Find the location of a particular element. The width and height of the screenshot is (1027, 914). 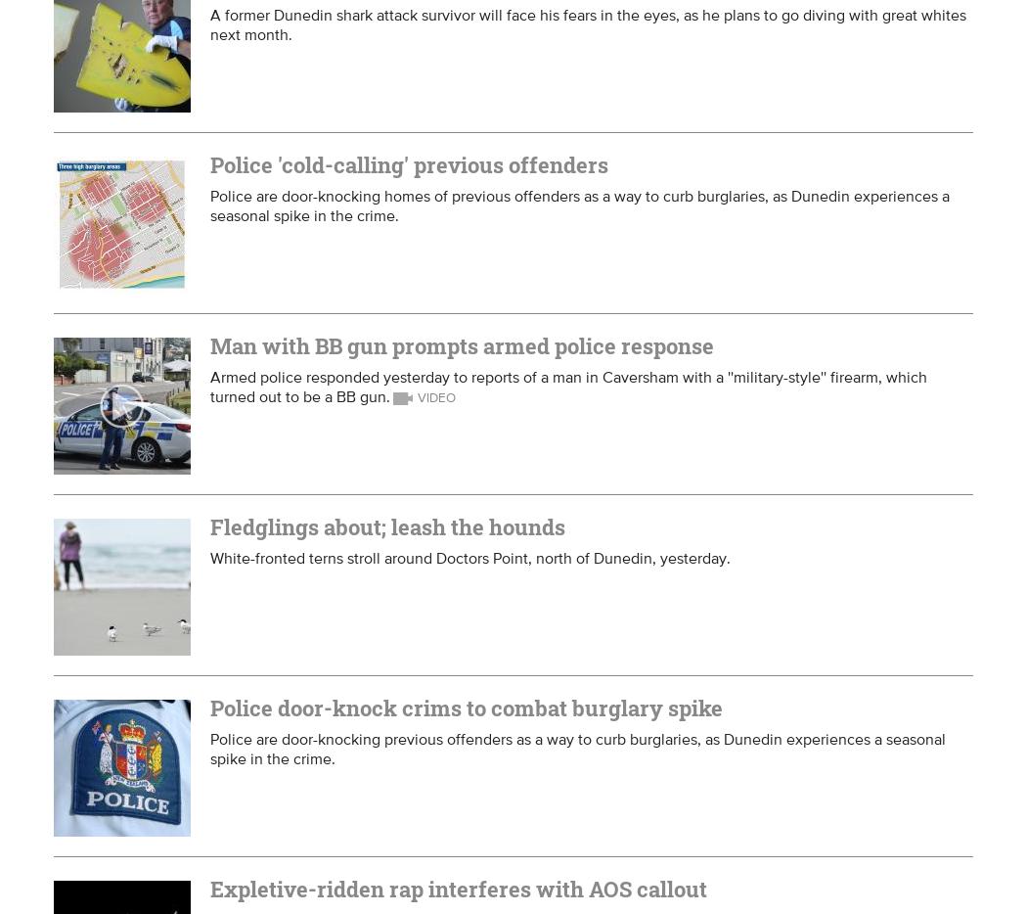

'Police are door-knocking previous offenders as a way to curb burglaries, as Dunedin experiences a seasonal spike in the crime.' is located at coordinates (577, 748).